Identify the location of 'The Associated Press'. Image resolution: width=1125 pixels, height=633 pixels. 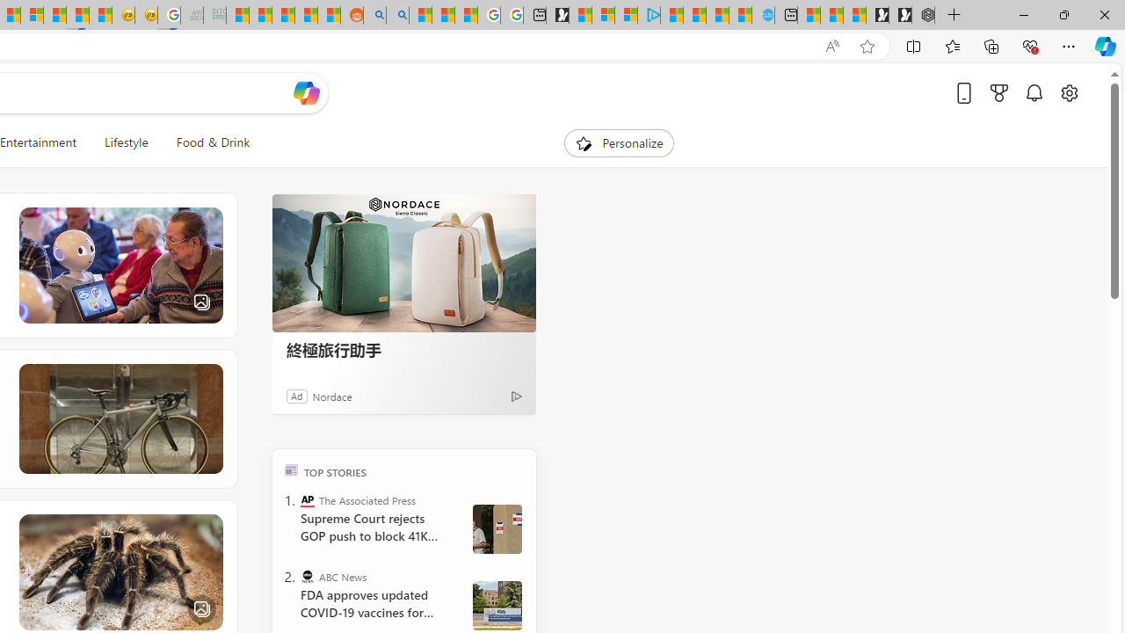
(308, 499).